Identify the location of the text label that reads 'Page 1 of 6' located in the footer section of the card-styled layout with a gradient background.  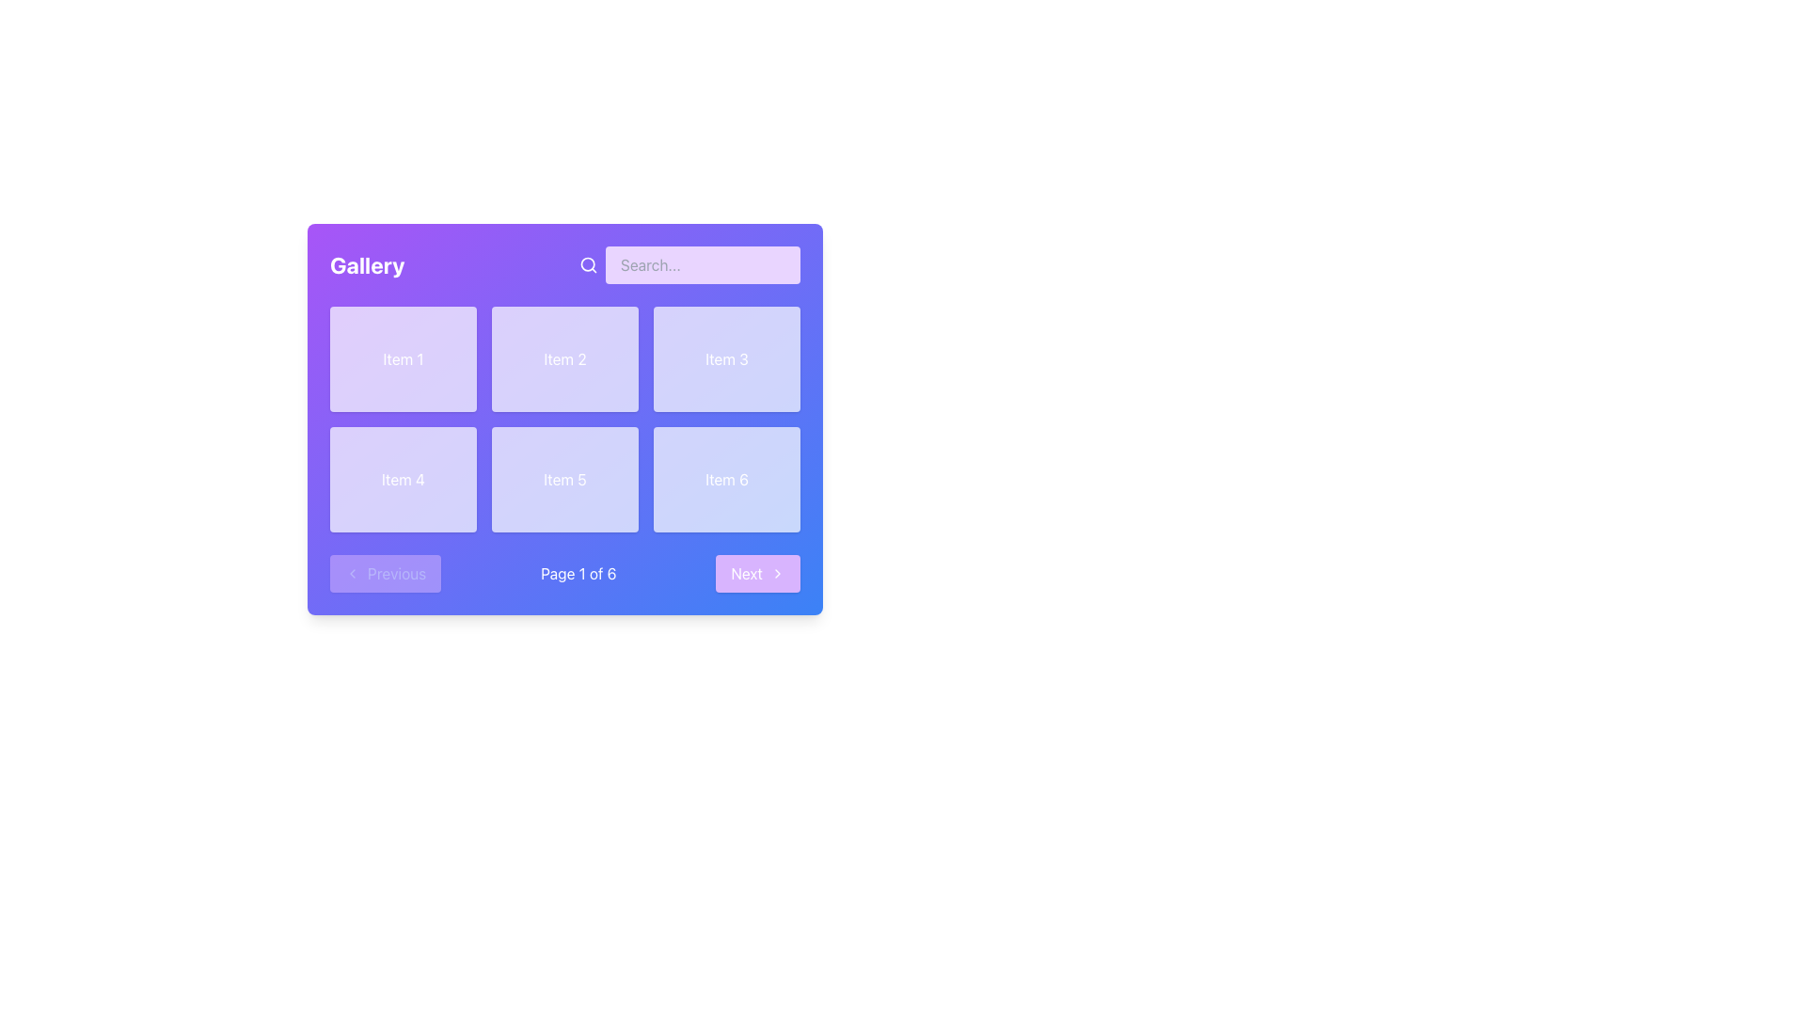
(563, 572).